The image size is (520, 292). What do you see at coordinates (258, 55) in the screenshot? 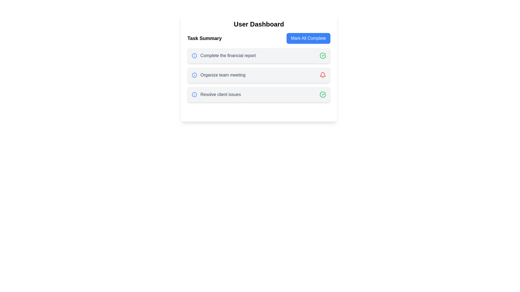
I see `the 'Complete the financial report' Task List Item` at bounding box center [258, 55].